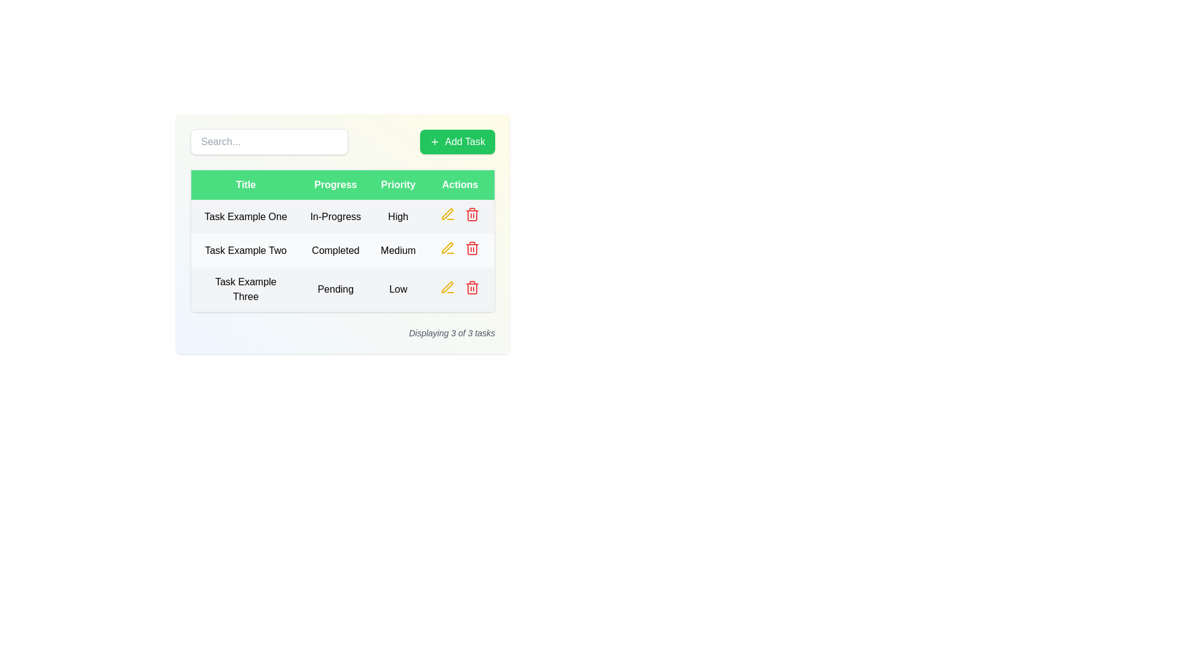 Image resolution: width=1181 pixels, height=664 pixels. I want to click on the 'Progress' table header cell, which is the second column header in a table layout, located near the top of the interface, so click(335, 184).